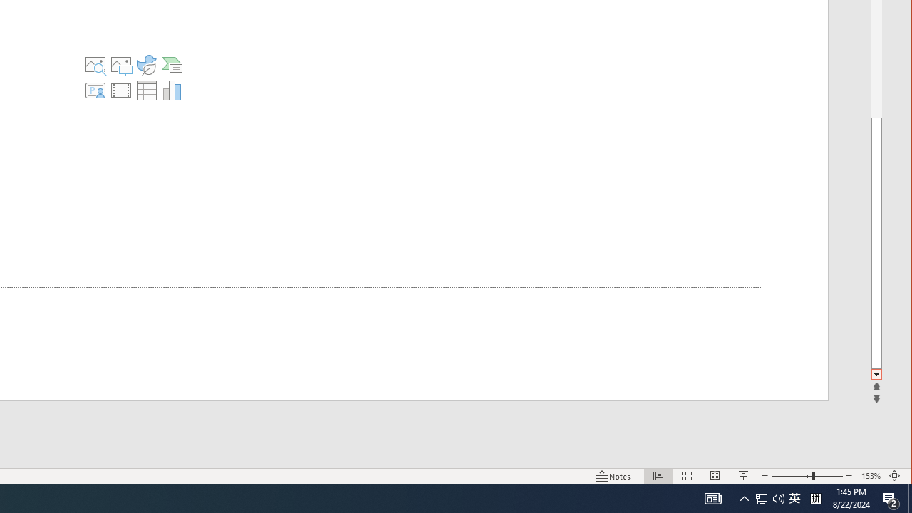  What do you see at coordinates (172, 90) in the screenshot?
I see `'Insert Chart'` at bounding box center [172, 90].